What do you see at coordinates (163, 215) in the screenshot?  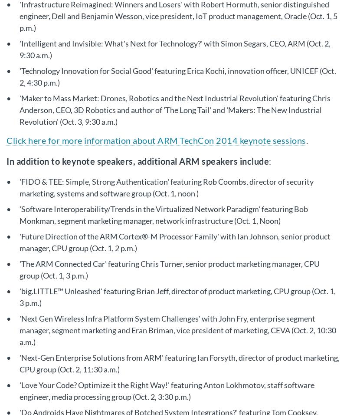 I see `''Software Interoperability/Trends in the Virtualized Network Paradigm' featuring Bob Monkman, segment marketing manager, network infrastructure (Oct. 1, Noon)'` at bounding box center [163, 215].